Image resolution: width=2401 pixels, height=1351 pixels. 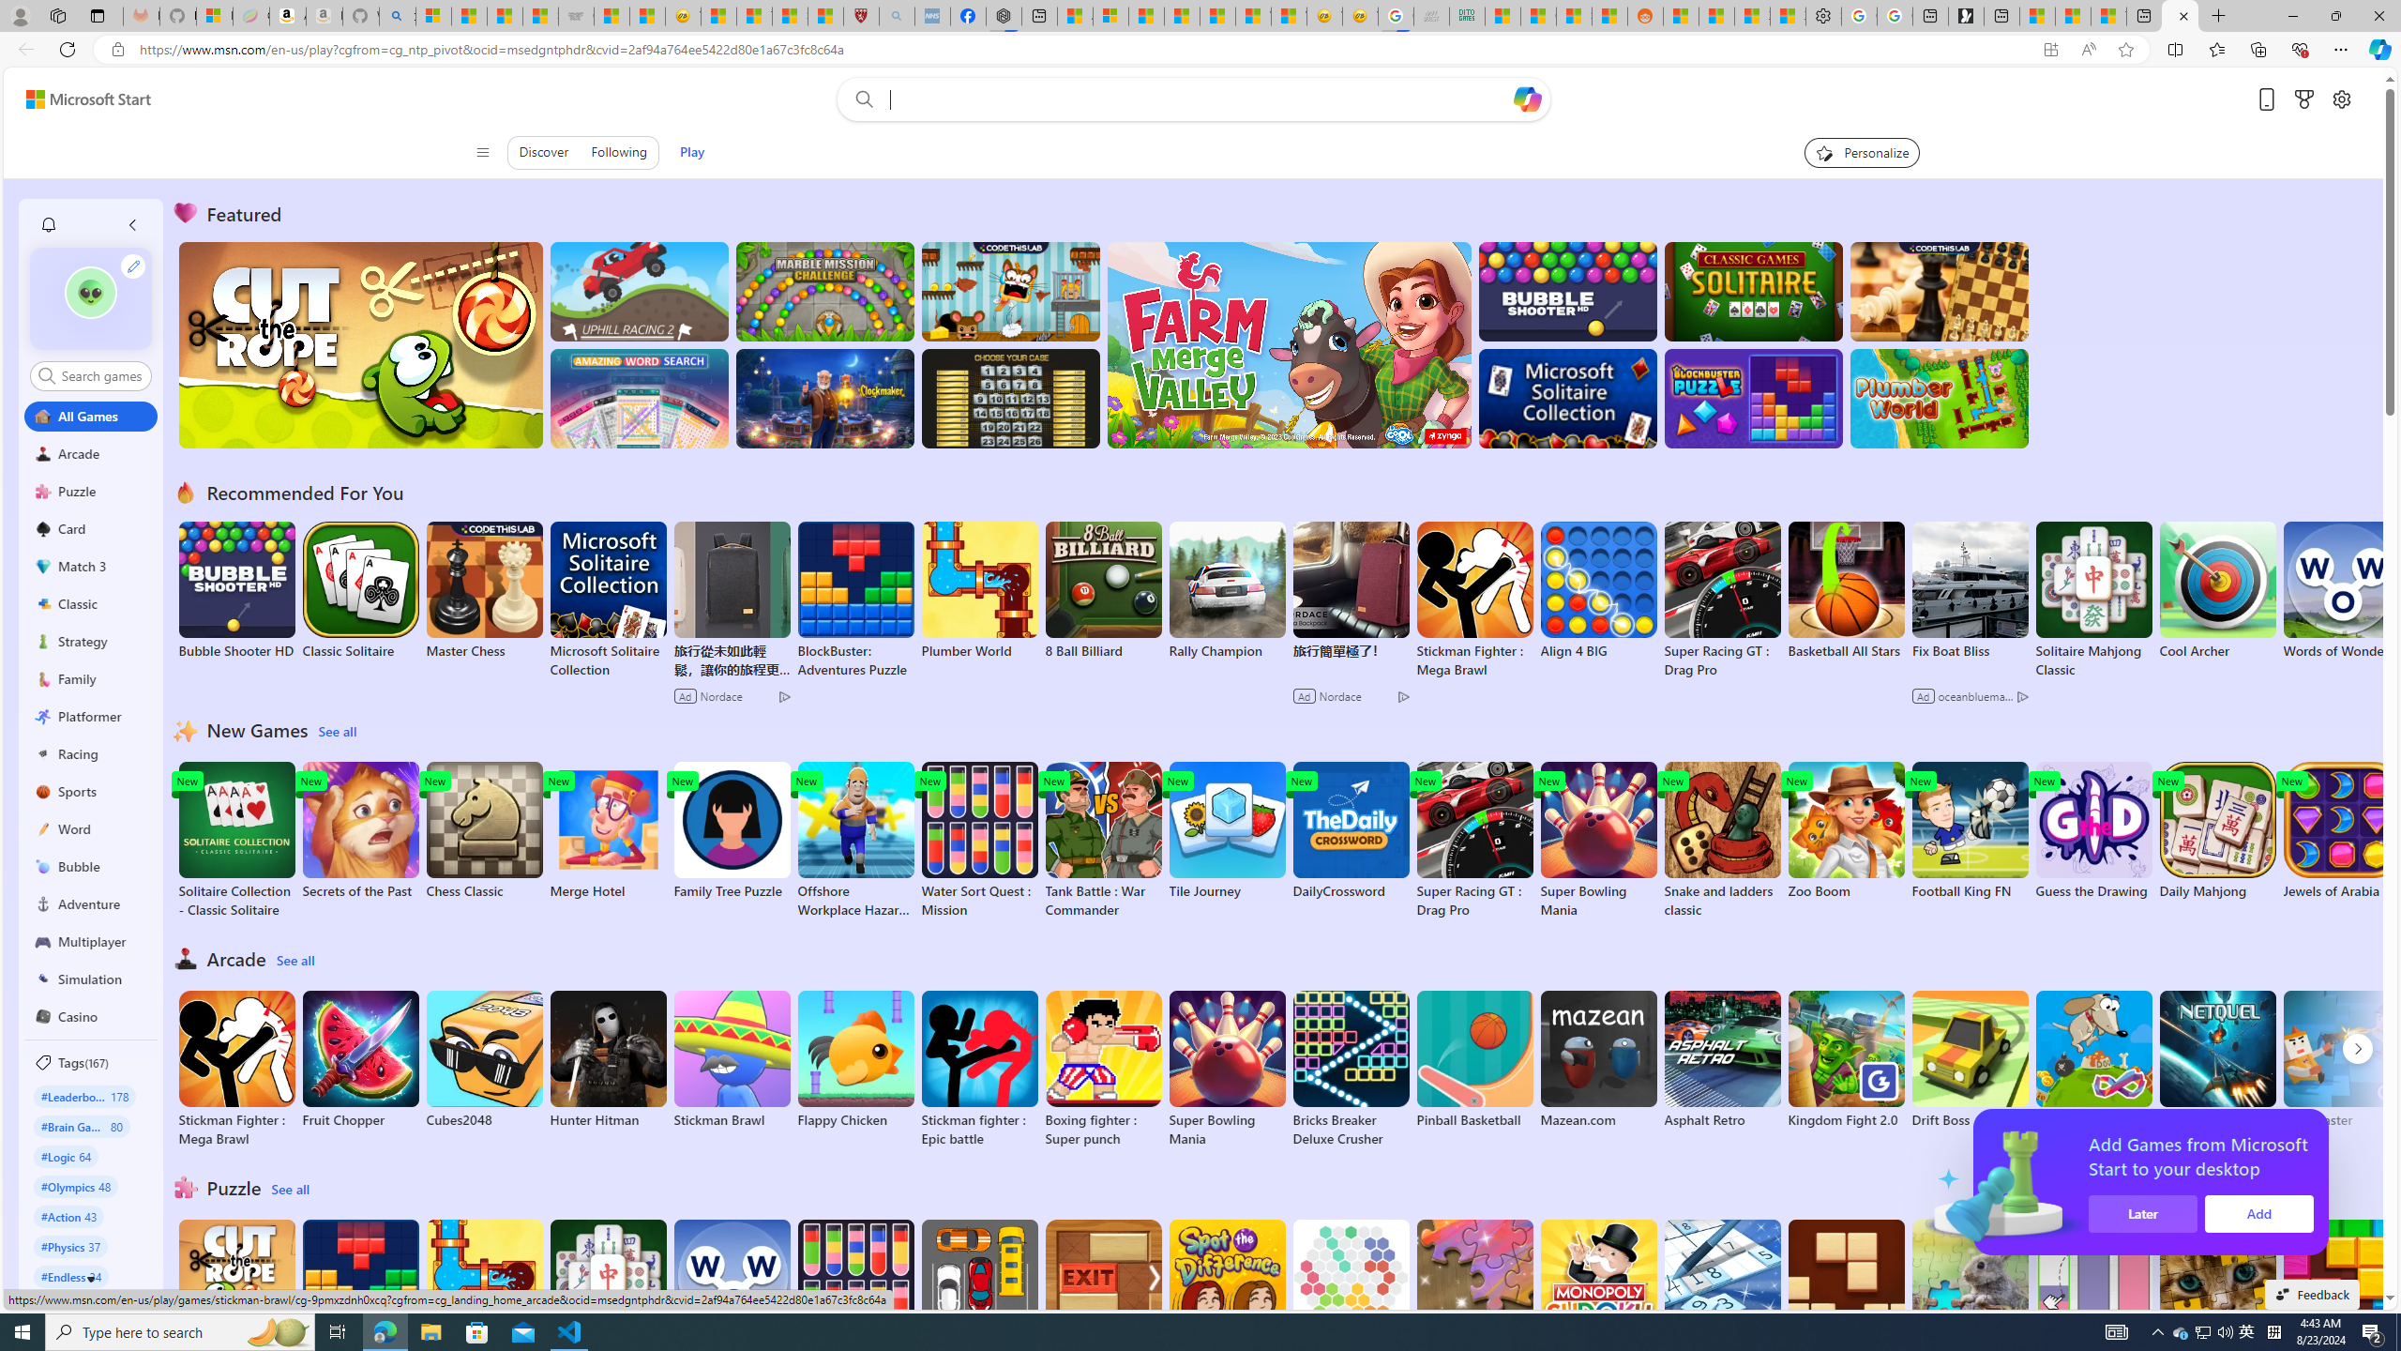 I want to click on 'App available. Install Games from Microsoft Start', so click(x=2012, y=50).